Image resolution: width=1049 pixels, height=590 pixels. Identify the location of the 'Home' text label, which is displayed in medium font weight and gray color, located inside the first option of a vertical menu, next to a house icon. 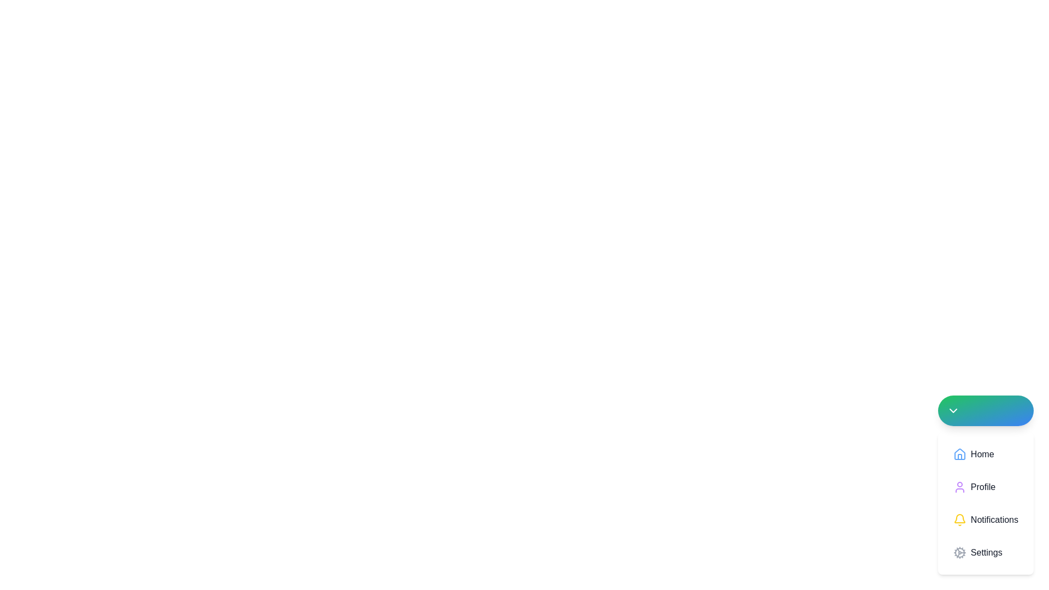
(982, 455).